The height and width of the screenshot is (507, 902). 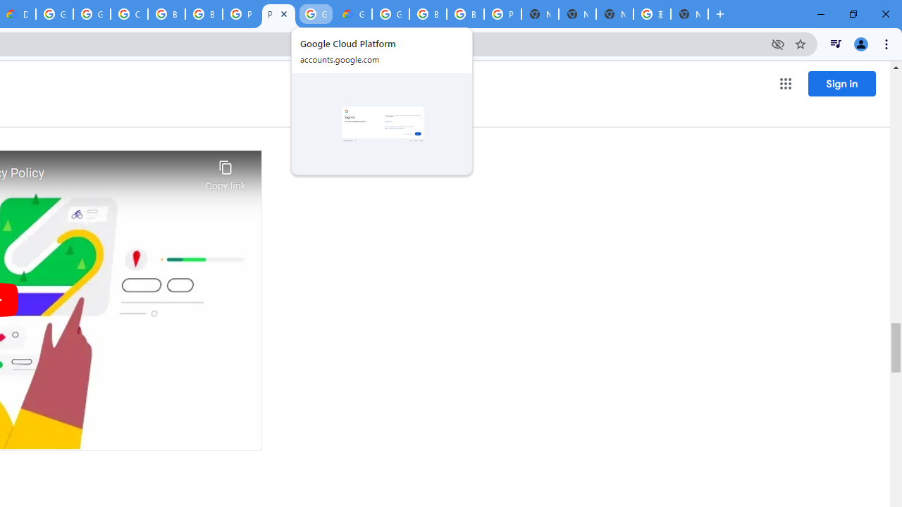 I want to click on 'Third-party cookies blocked', so click(x=777, y=43).